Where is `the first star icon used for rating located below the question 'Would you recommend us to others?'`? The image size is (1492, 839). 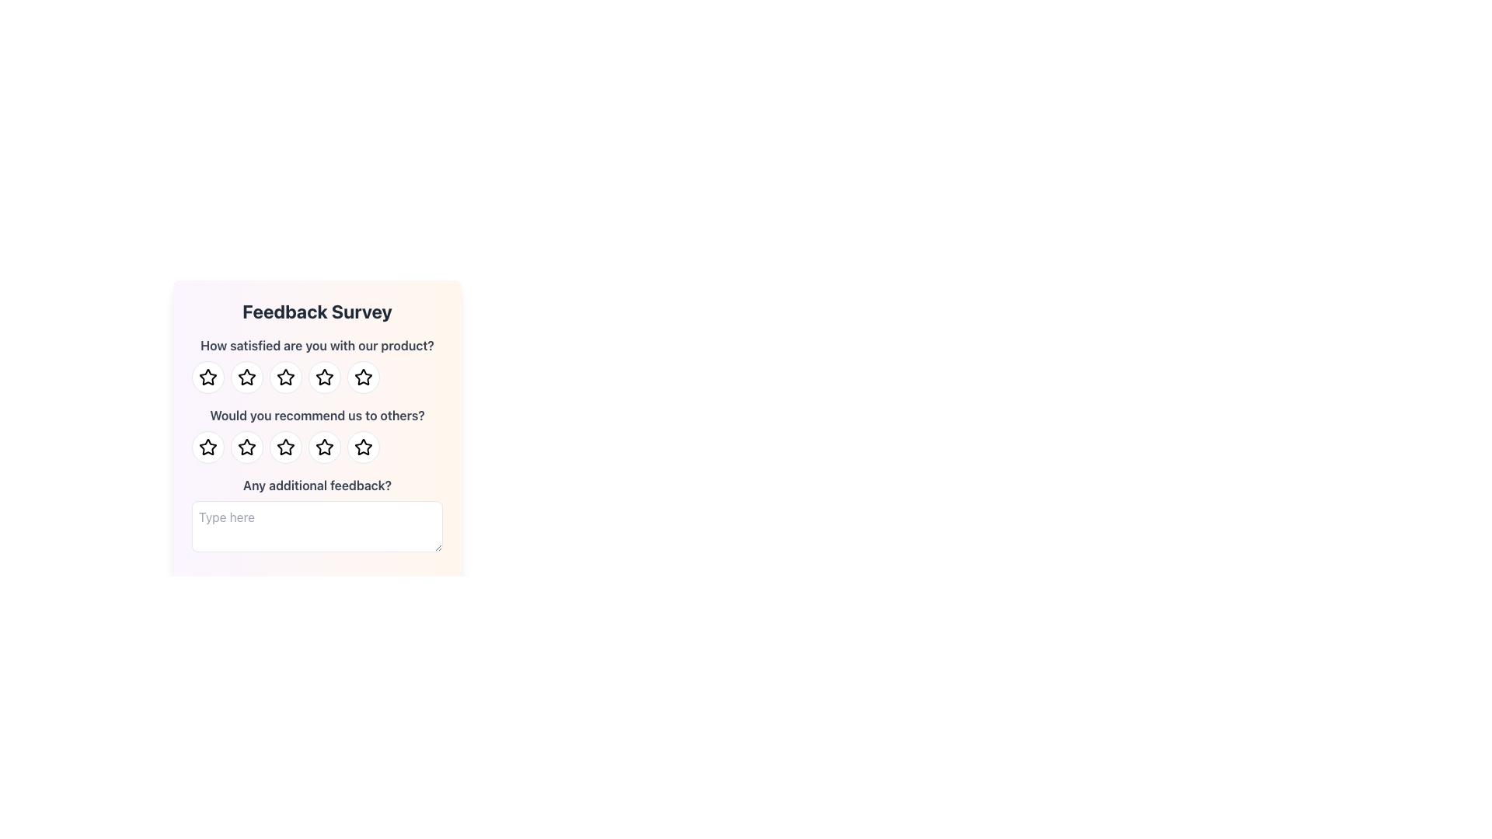
the first star icon used for rating located below the question 'Would you recommend us to others?' is located at coordinates (207, 447).